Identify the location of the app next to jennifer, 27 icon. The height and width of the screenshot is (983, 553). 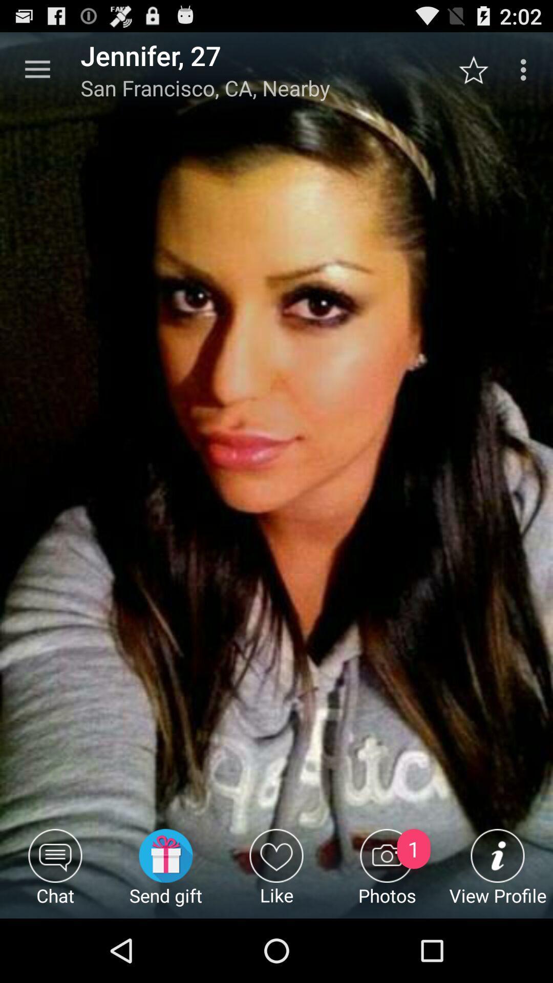
(37, 69).